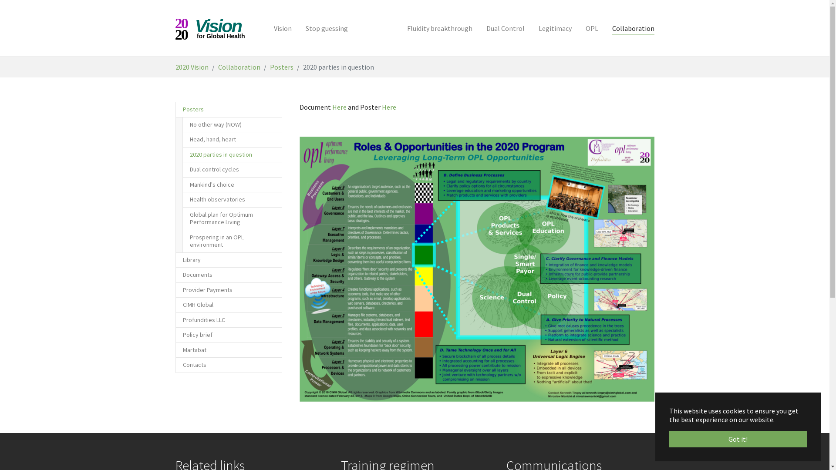 This screenshot has height=470, width=836. Describe the element at coordinates (554, 28) in the screenshot. I see `'Legitimacy'` at that location.